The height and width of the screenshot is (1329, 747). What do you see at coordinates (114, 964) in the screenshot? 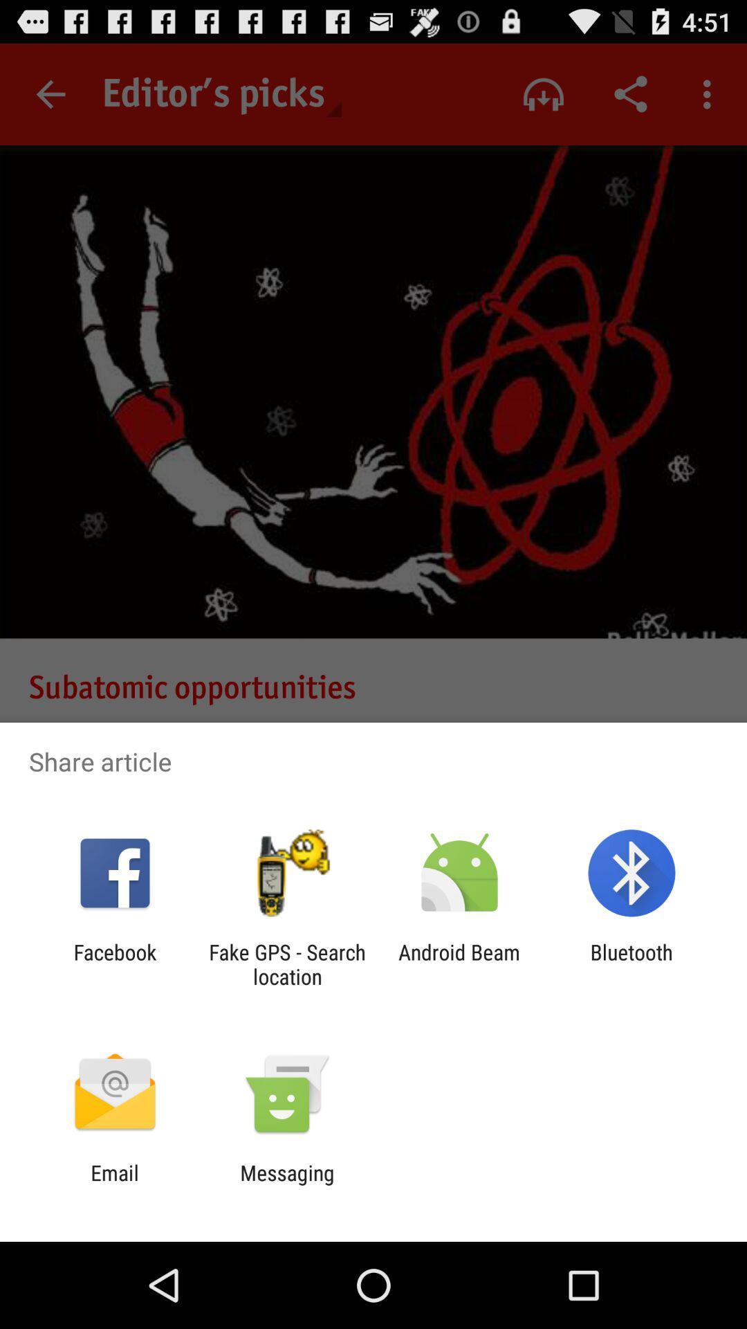
I see `the icon to the left of the fake gps search item` at bounding box center [114, 964].